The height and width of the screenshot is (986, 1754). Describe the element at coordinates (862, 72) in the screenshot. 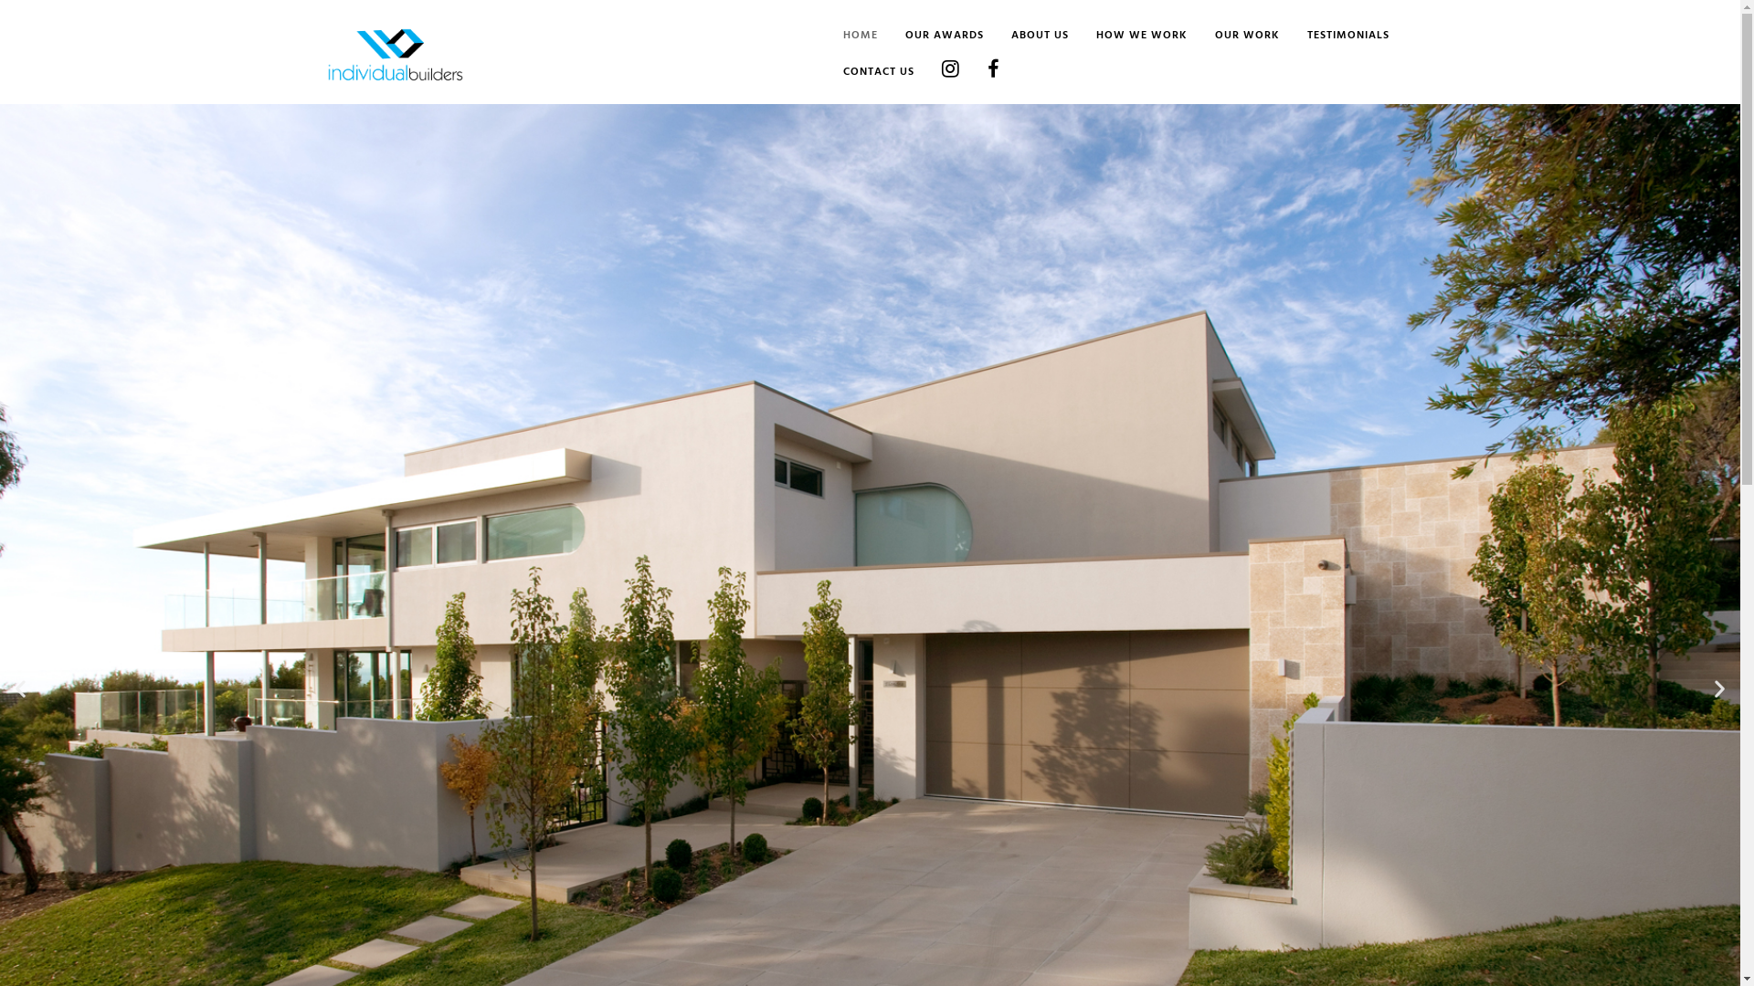

I see `'CONTACT US'` at that location.